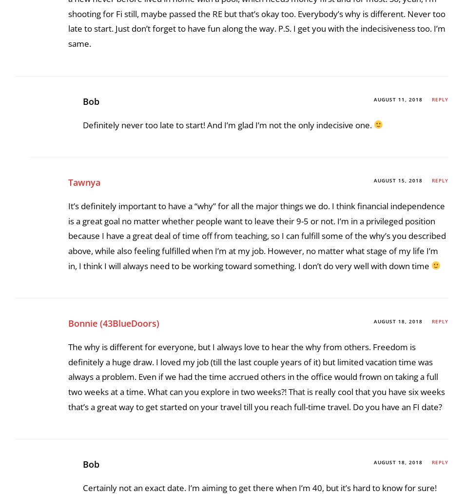  I want to click on 'It’s such a freeing thing to achieve. I hope you get there ASAP!', so click(198, 177).